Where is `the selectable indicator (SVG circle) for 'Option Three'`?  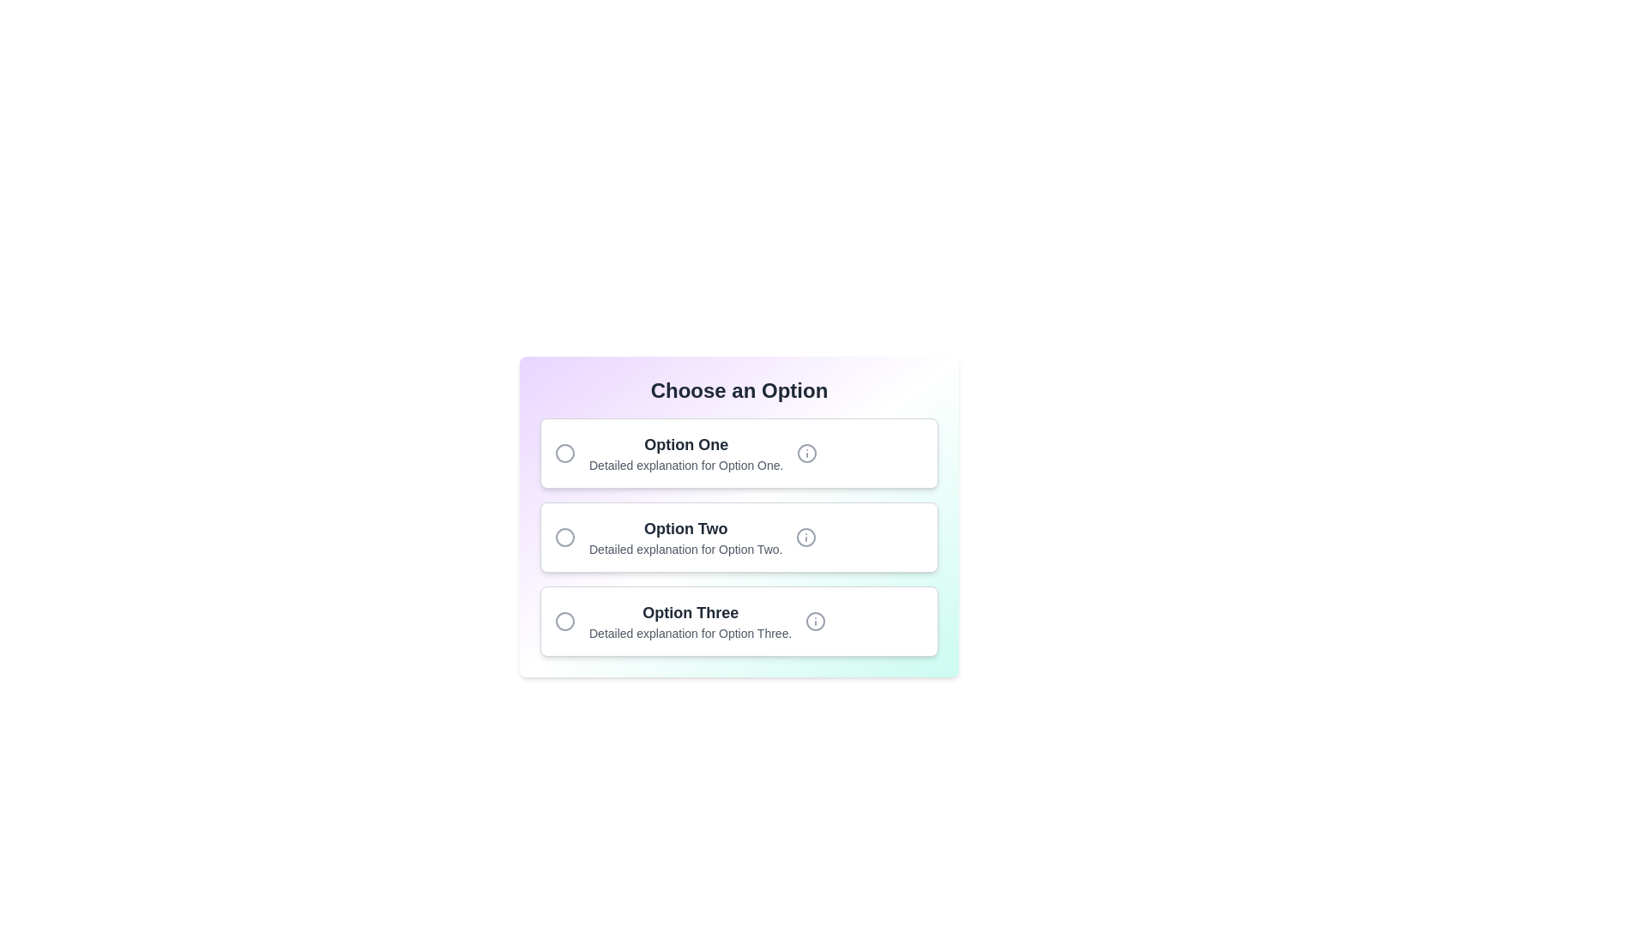
the selectable indicator (SVG circle) for 'Option Three' is located at coordinates (564, 622).